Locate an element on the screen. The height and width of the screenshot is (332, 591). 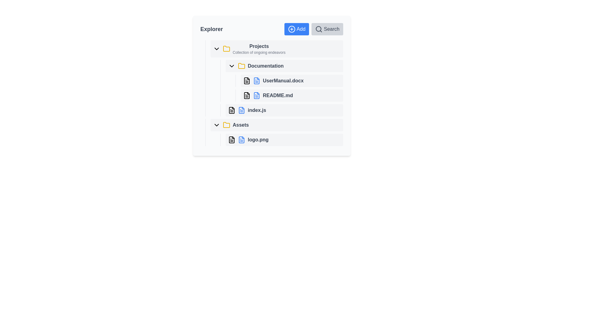
the 'Documentation' folder icon in the Explorer panel of the application interface is located at coordinates (241, 66).